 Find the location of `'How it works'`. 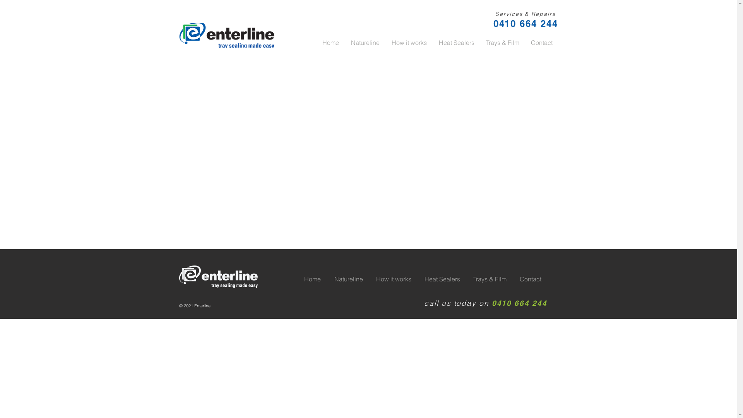

'How it works' is located at coordinates (392, 279).